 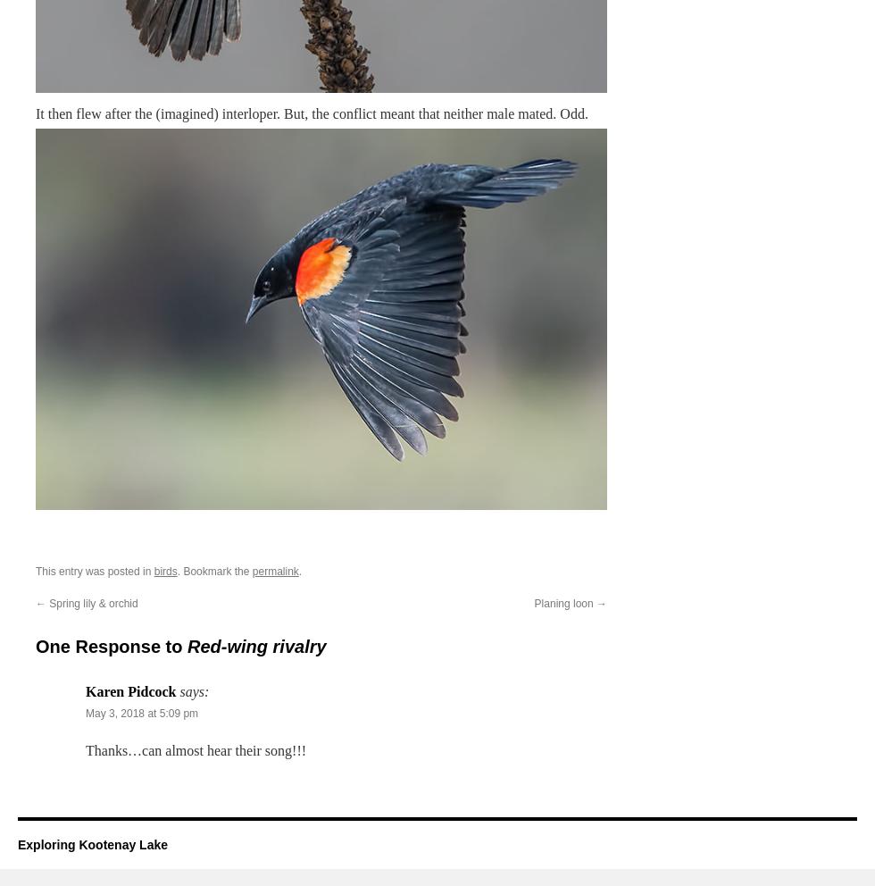 What do you see at coordinates (91, 601) in the screenshot?
I see `'Spring lily & orchid'` at bounding box center [91, 601].